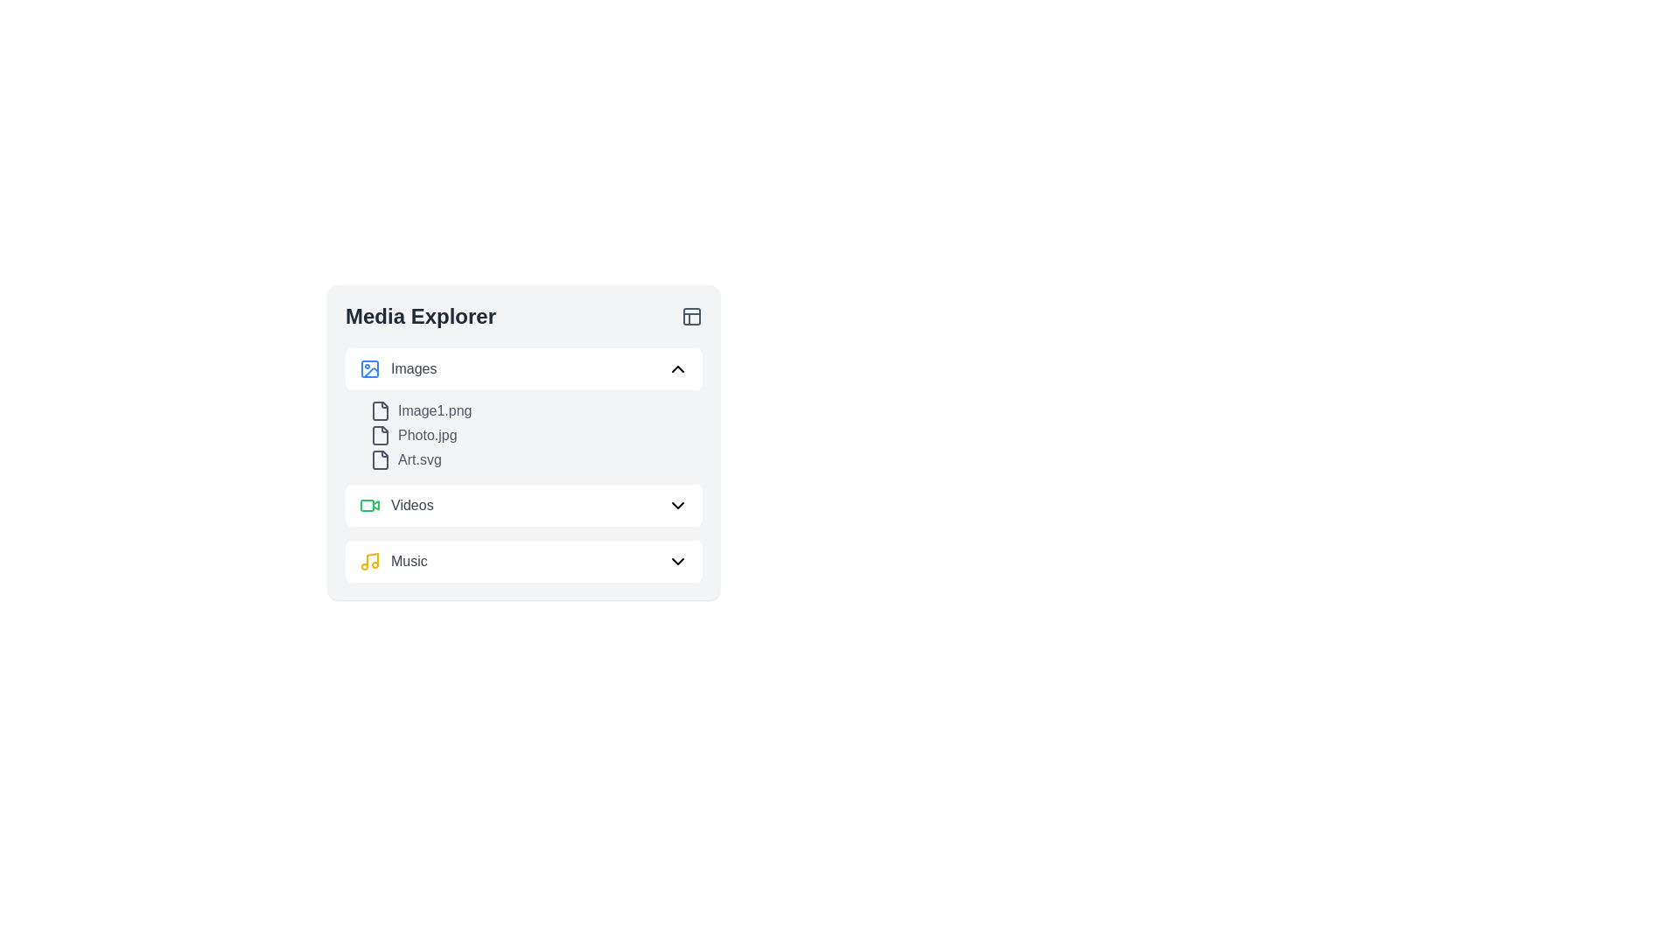  I want to click on the header with an icon and text in the 'Media Explorer' section, so click(397, 367).